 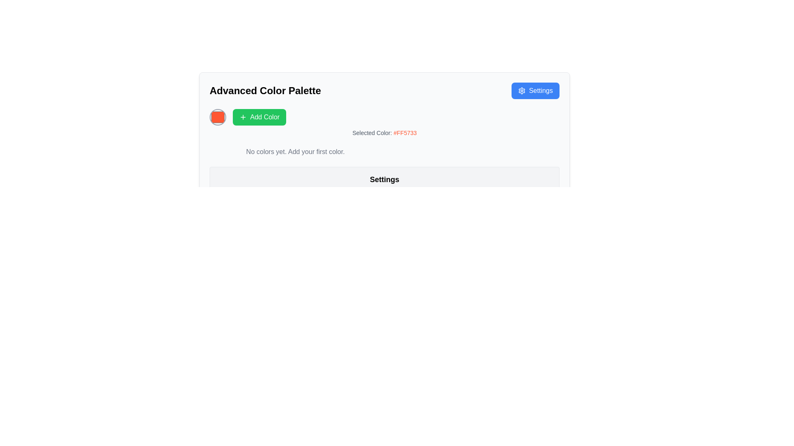 What do you see at coordinates (384, 117) in the screenshot?
I see `the color picker button in the Composite component that allows the user` at bounding box center [384, 117].